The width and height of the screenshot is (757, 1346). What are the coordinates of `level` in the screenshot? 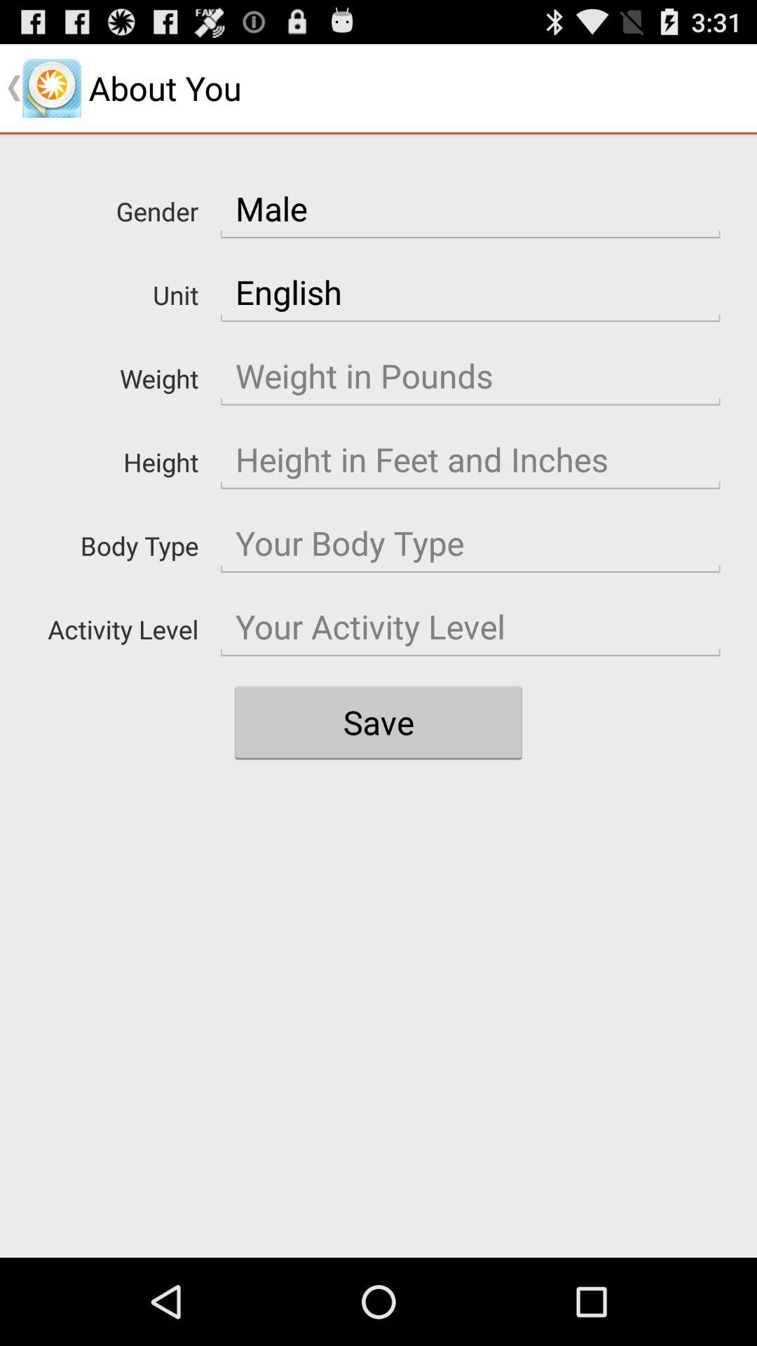 It's located at (470, 626).